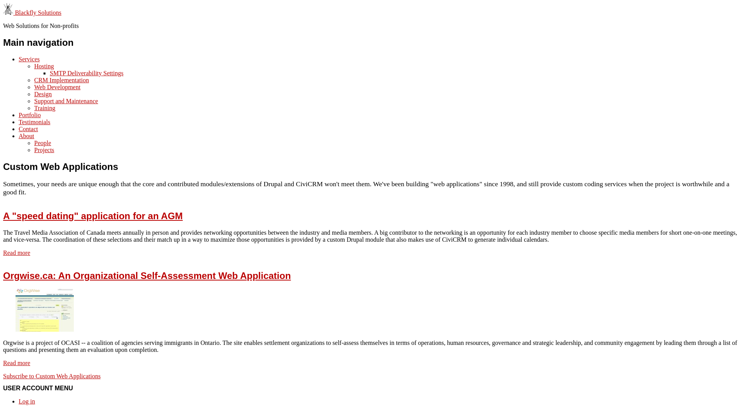 This screenshot has width=746, height=419. I want to click on 'Support and Maintenance', so click(33, 100).